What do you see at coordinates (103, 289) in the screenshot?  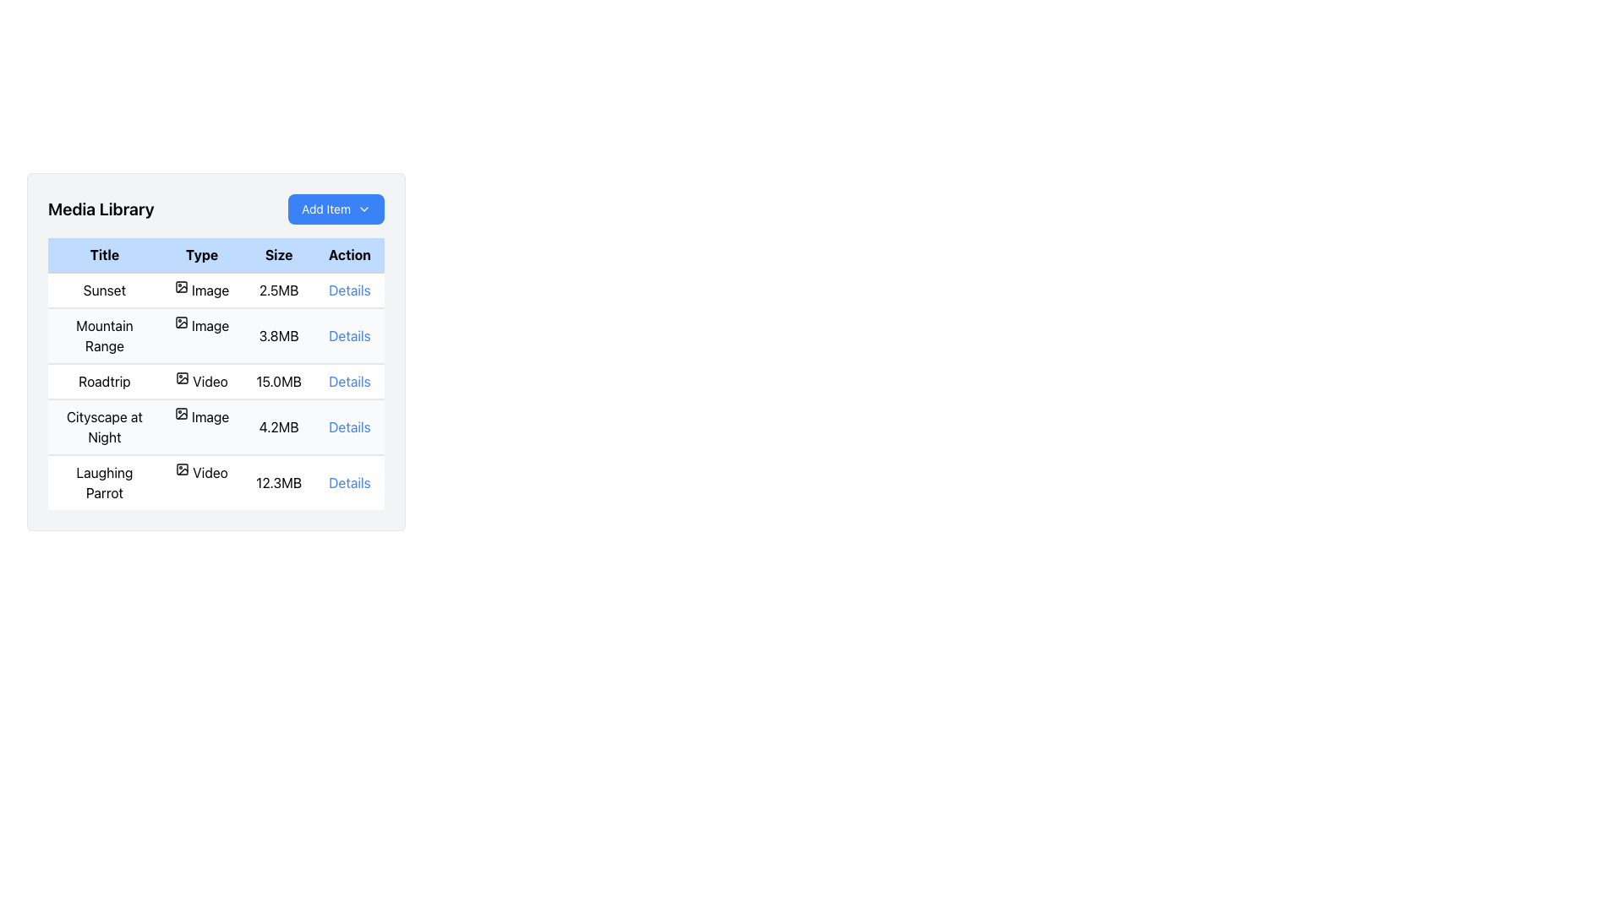 I see `the text label displaying 'Sunset - Image - 2.5MB - Details' located in the first cell of the first row under the 'Title' column in the table` at bounding box center [103, 289].